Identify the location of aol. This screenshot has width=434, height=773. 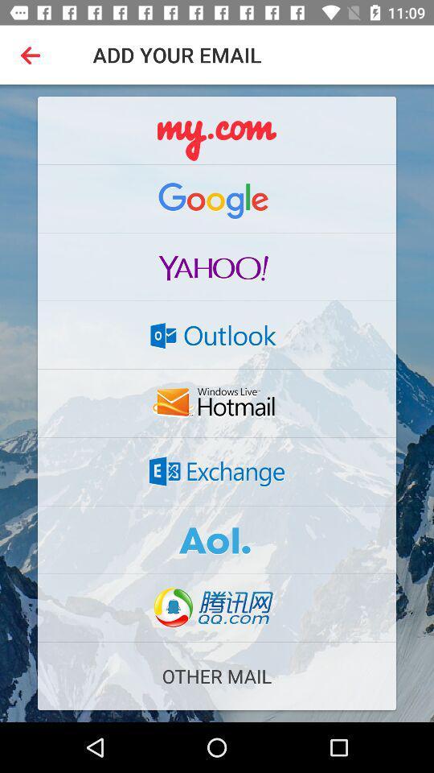
(217, 540).